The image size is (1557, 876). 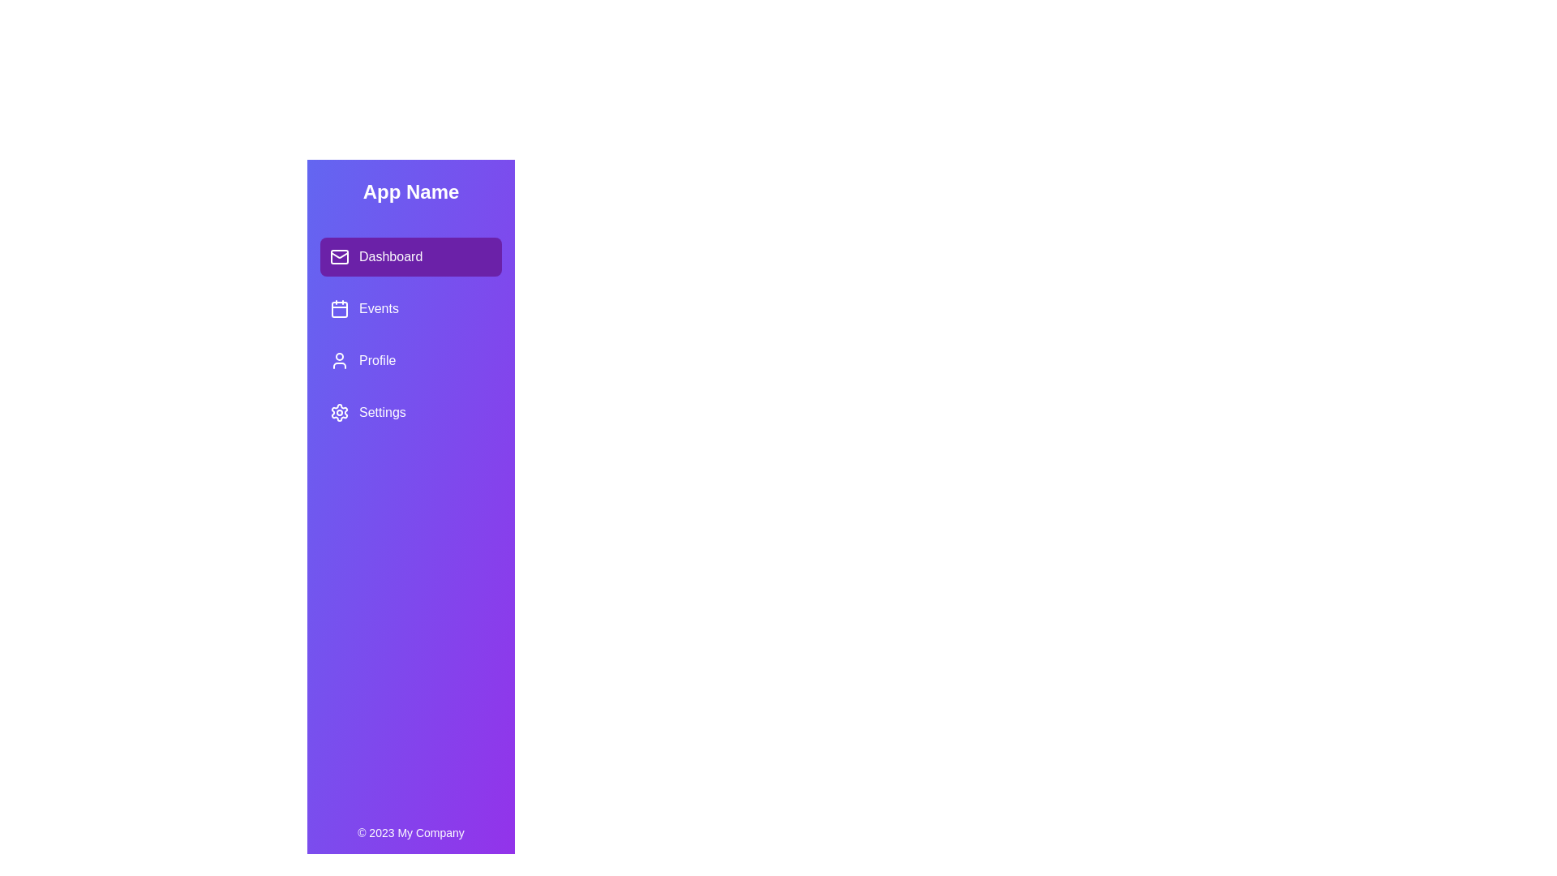 What do you see at coordinates (411, 309) in the screenshot?
I see `the navigation item Events to highlight it` at bounding box center [411, 309].